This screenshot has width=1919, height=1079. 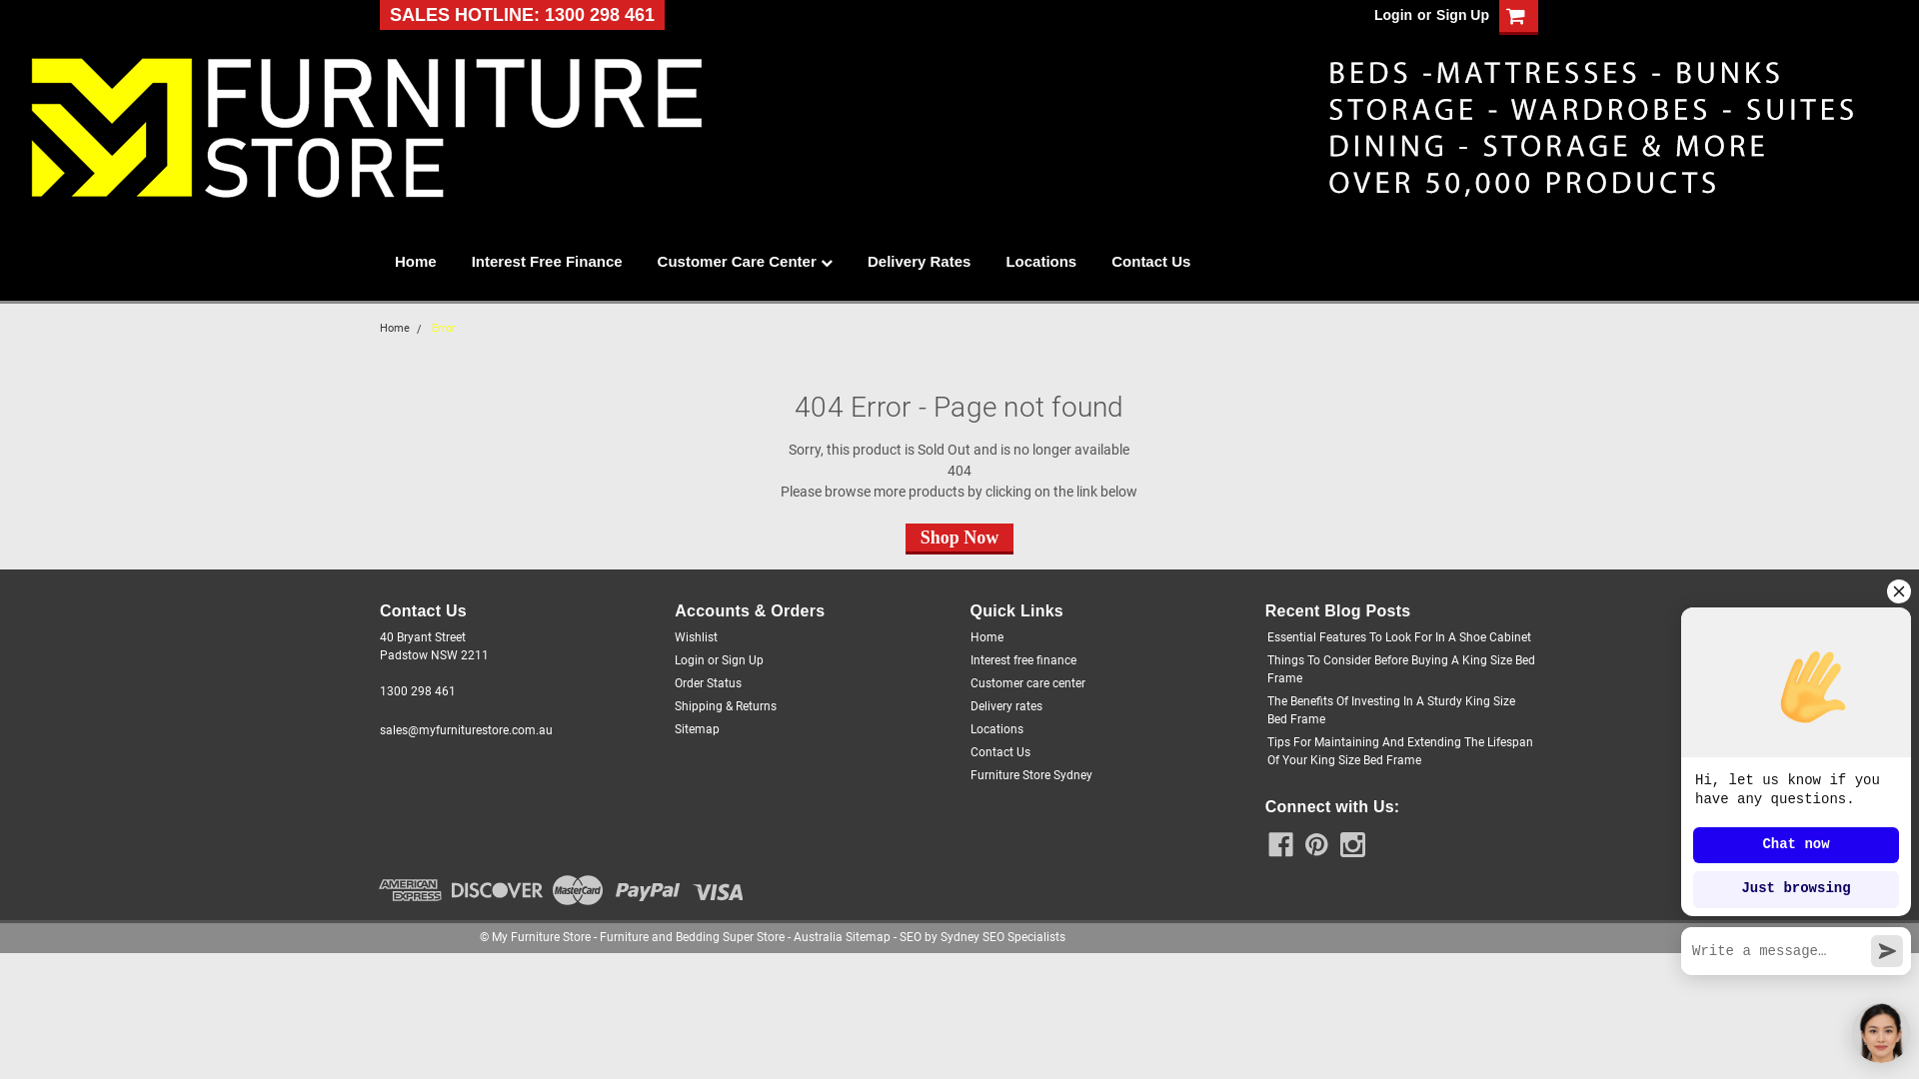 What do you see at coordinates (379, 689) in the screenshot?
I see `'1300 298 461'` at bounding box center [379, 689].